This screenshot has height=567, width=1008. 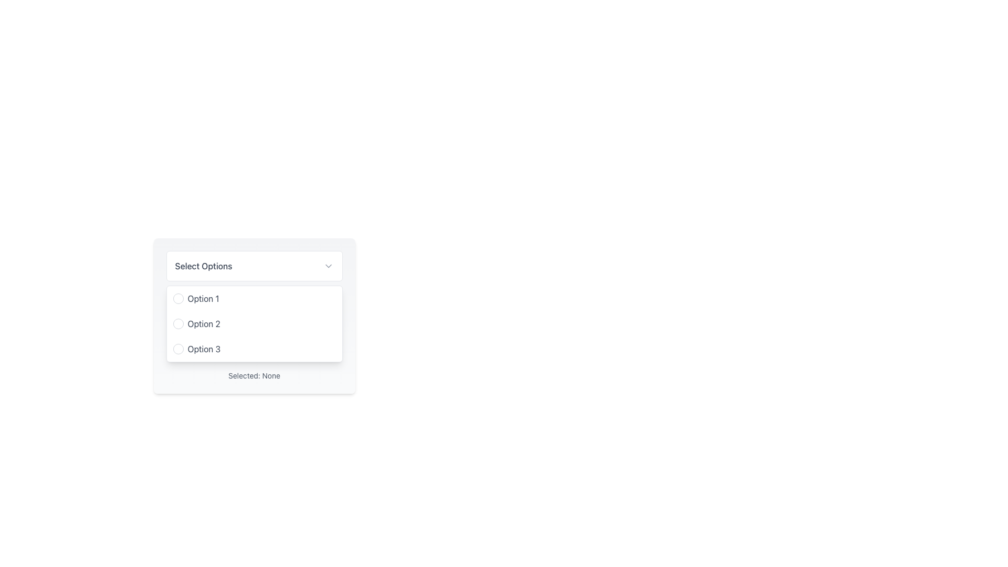 I want to click on text label that displays the current selection, which shows 'Selected: None' and is positioned below the selectable options, so click(x=254, y=375).